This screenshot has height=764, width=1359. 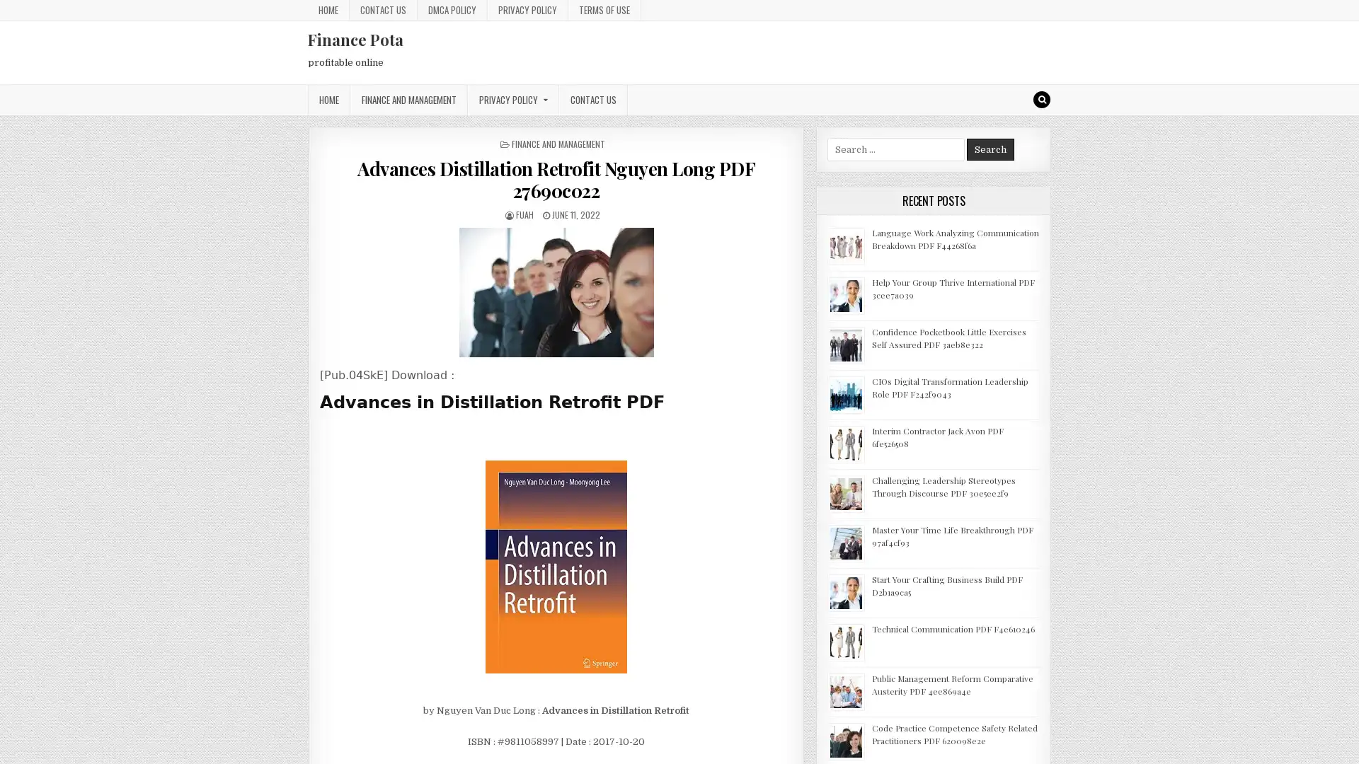 What do you see at coordinates (990, 149) in the screenshot?
I see `Search` at bounding box center [990, 149].